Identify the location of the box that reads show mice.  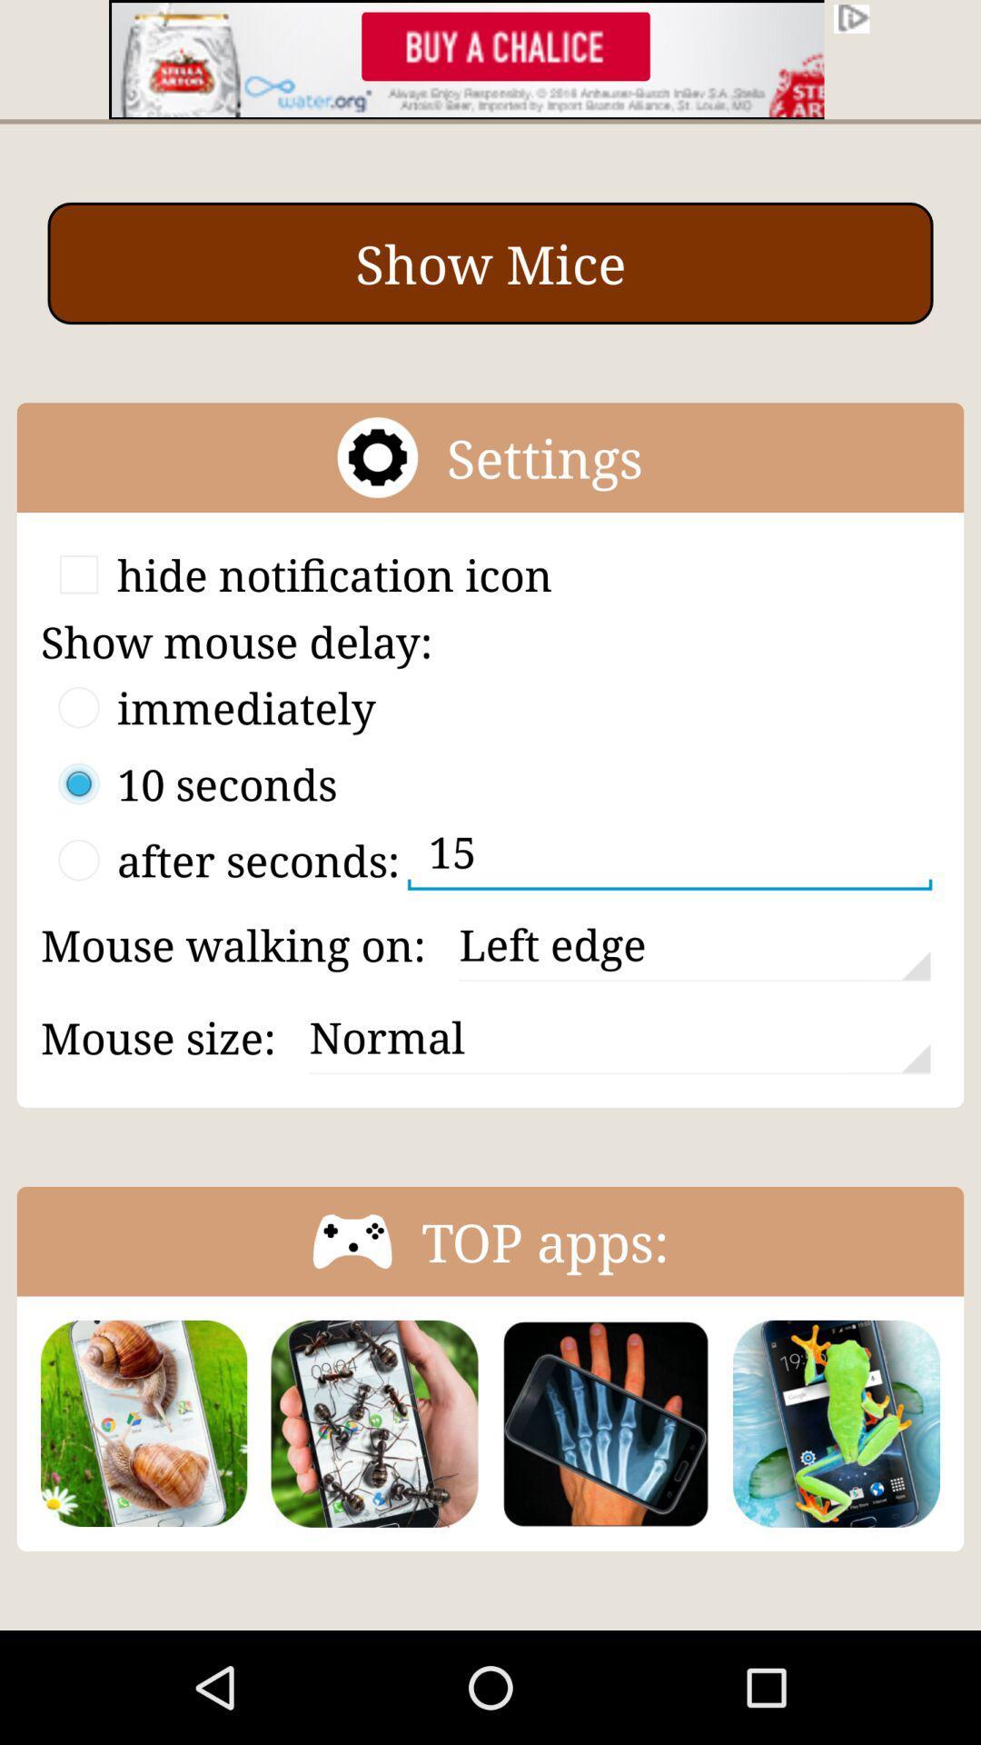
(490, 262).